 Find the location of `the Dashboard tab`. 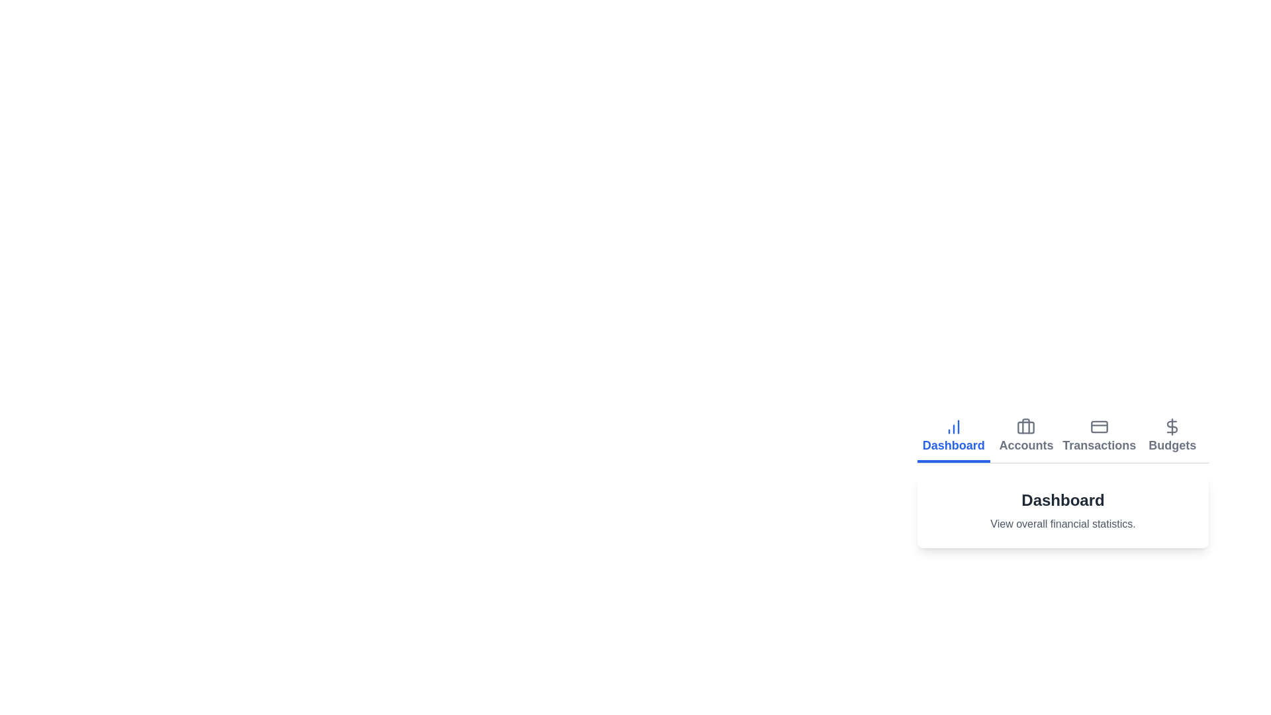

the Dashboard tab is located at coordinates (953, 437).